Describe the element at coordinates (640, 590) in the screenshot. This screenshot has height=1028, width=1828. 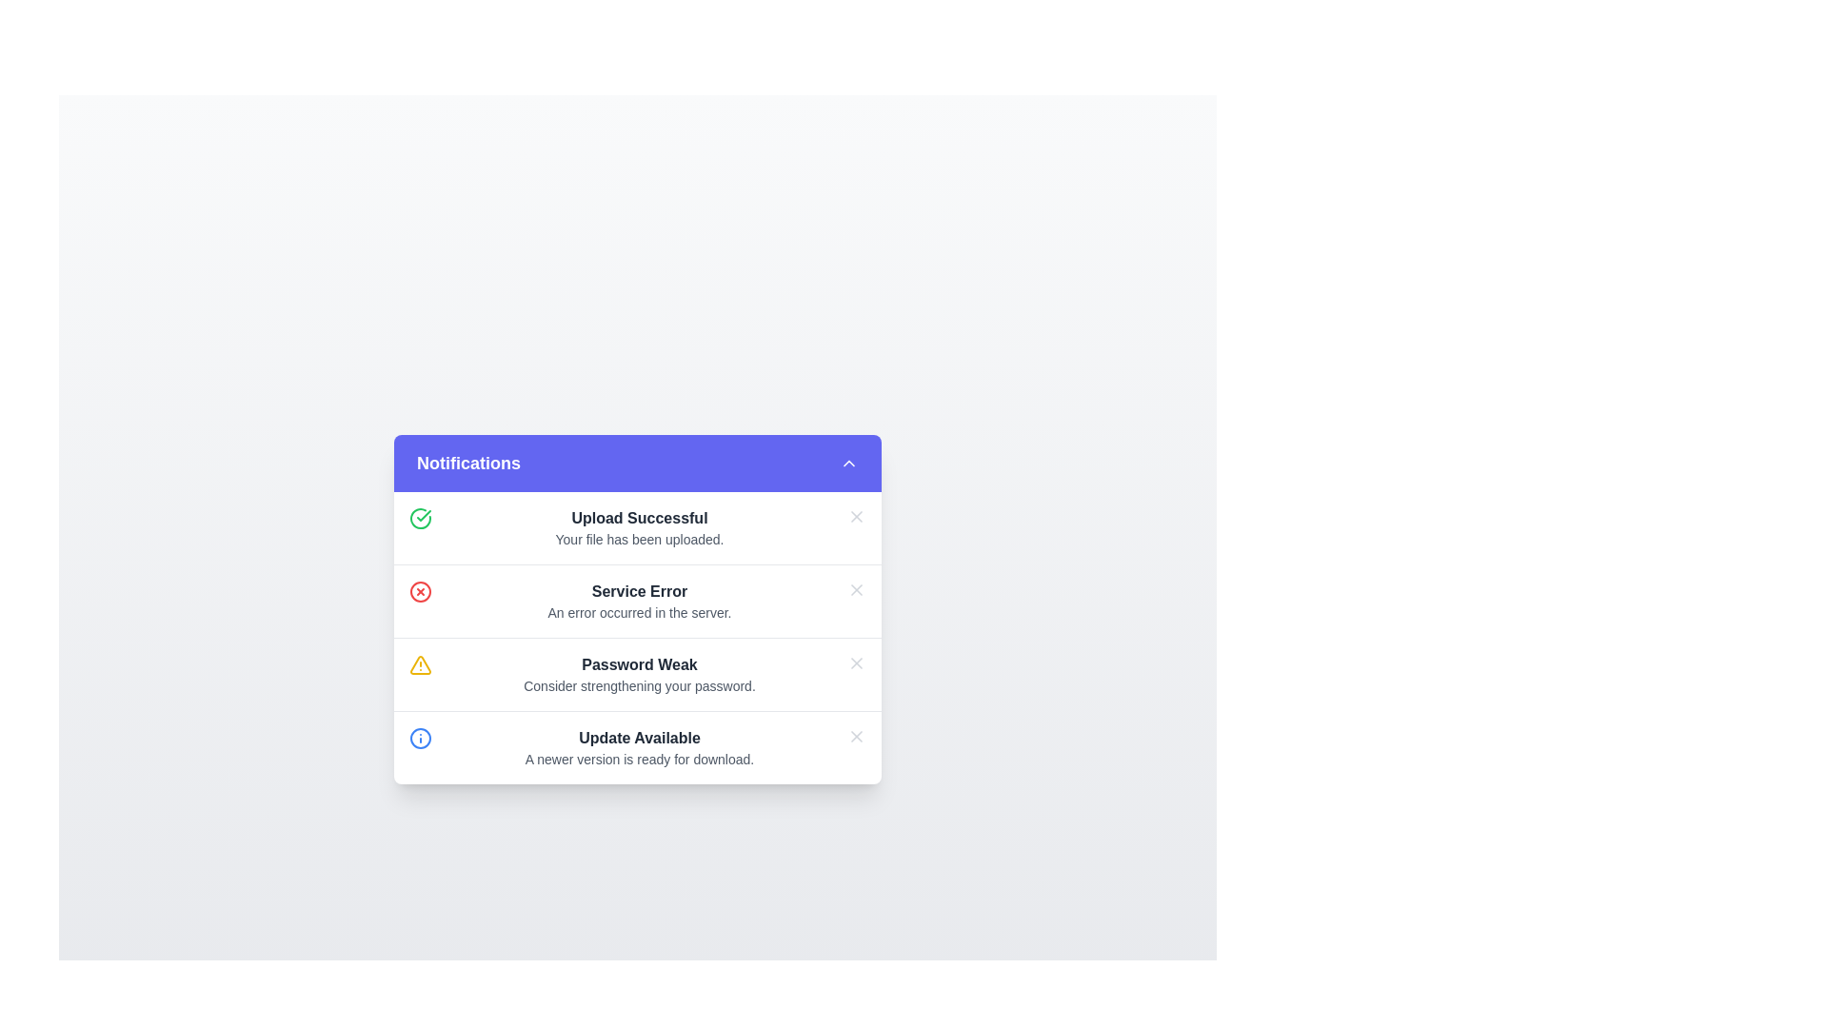
I see `the text label that serves` at that location.